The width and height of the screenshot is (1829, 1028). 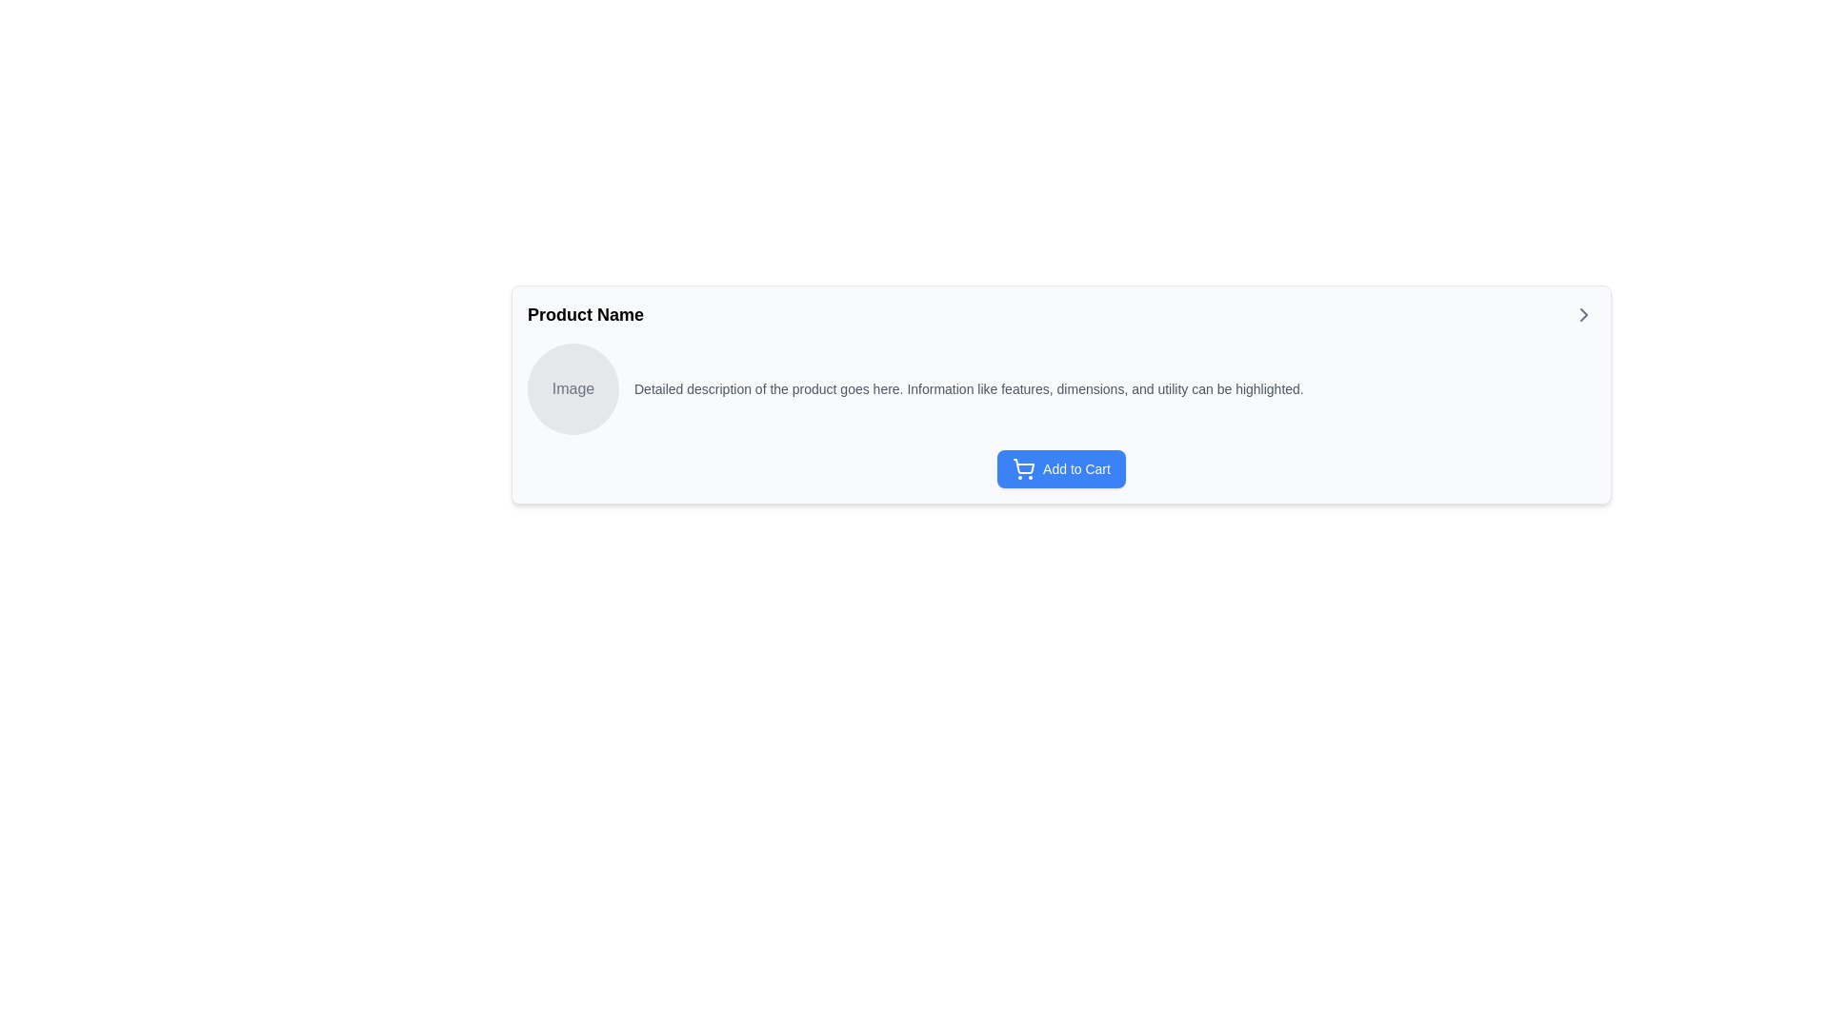 What do you see at coordinates (969, 387) in the screenshot?
I see `the text block containing the phrase 'Detailed description of the product goes here. Information like features, dimensions, and utility can be highlighted.' which is styled in a smaller gray font and located to the right of the image placeholder` at bounding box center [969, 387].